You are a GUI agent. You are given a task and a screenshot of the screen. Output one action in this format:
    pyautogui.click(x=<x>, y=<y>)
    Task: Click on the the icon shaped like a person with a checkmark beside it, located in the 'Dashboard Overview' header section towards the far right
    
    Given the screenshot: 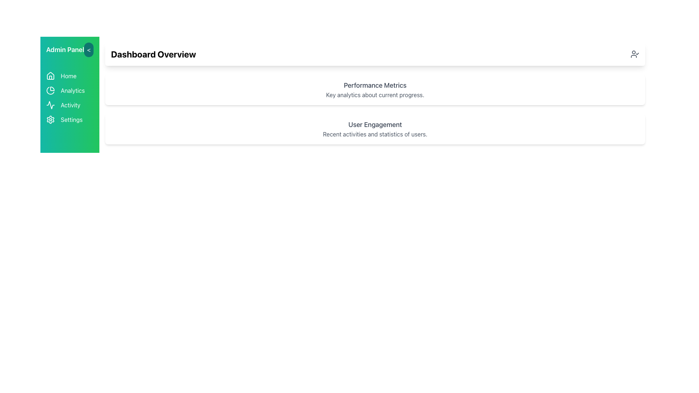 What is the action you would take?
    pyautogui.click(x=634, y=54)
    